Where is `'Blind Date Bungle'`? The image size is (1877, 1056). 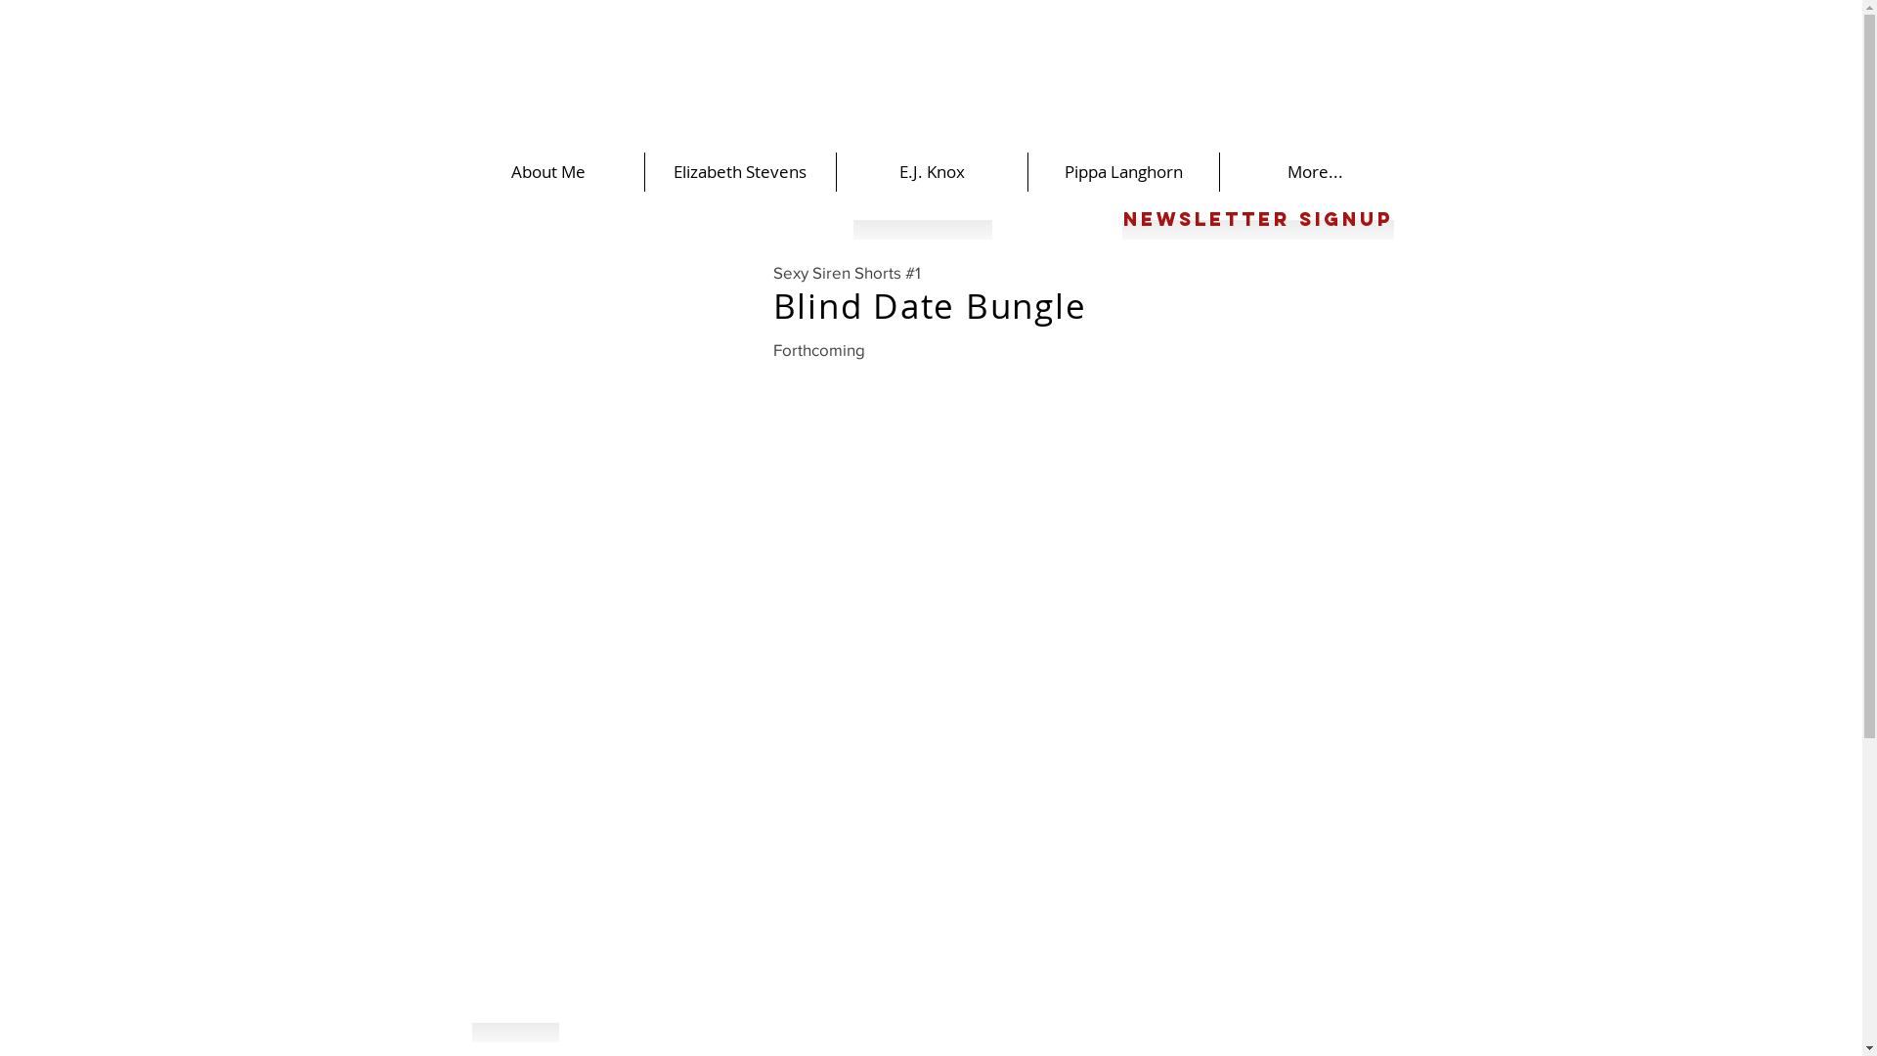
'Blind Date Bungle' is located at coordinates (771, 305).